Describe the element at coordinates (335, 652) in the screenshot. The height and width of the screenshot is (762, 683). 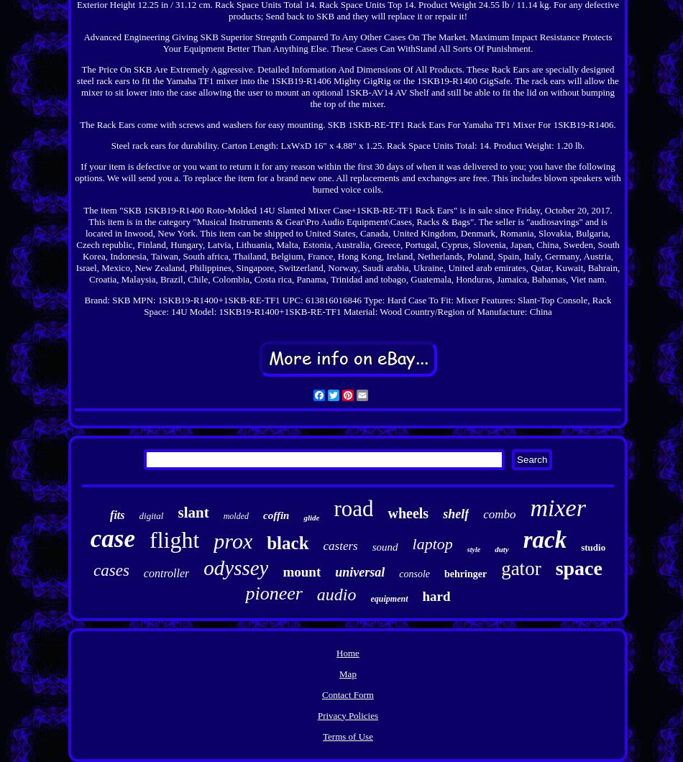
I see `'Home'` at that location.